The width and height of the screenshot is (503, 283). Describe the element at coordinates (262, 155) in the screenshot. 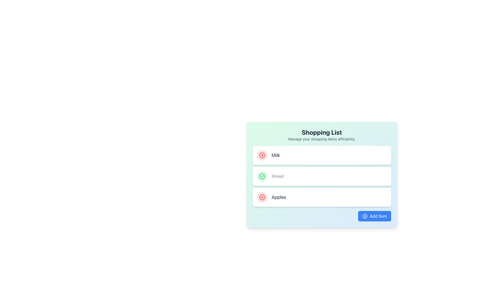

I see `the delete button located to the left of the text 'Milk' in the vertically stacked list` at that location.